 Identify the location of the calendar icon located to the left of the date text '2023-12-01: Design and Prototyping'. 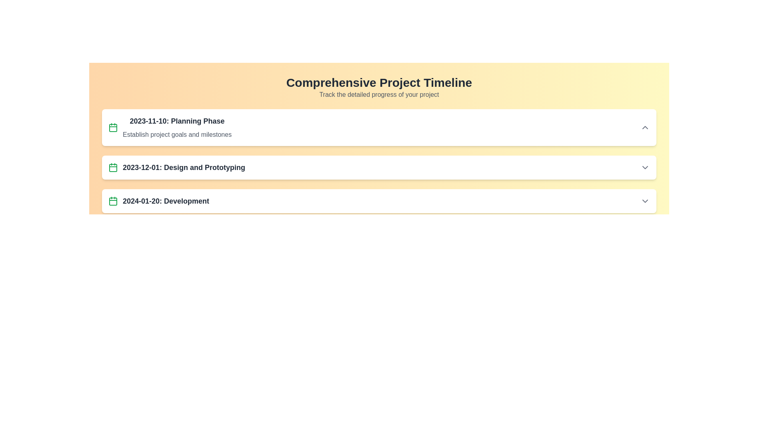
(113, 167).